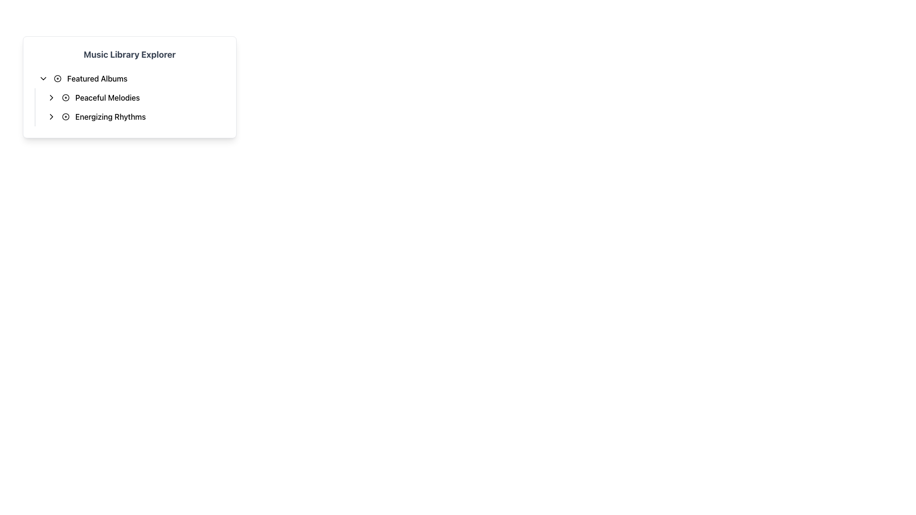 The height and width of the screenshot is (515, 916). Describe the element at coordinates (51, 97) in the screenshot. I see `the right-pointing chevron arrow icon located in the 'Music Library Explorer' interface next to the 'Peaceful Melodies' item` at that location.